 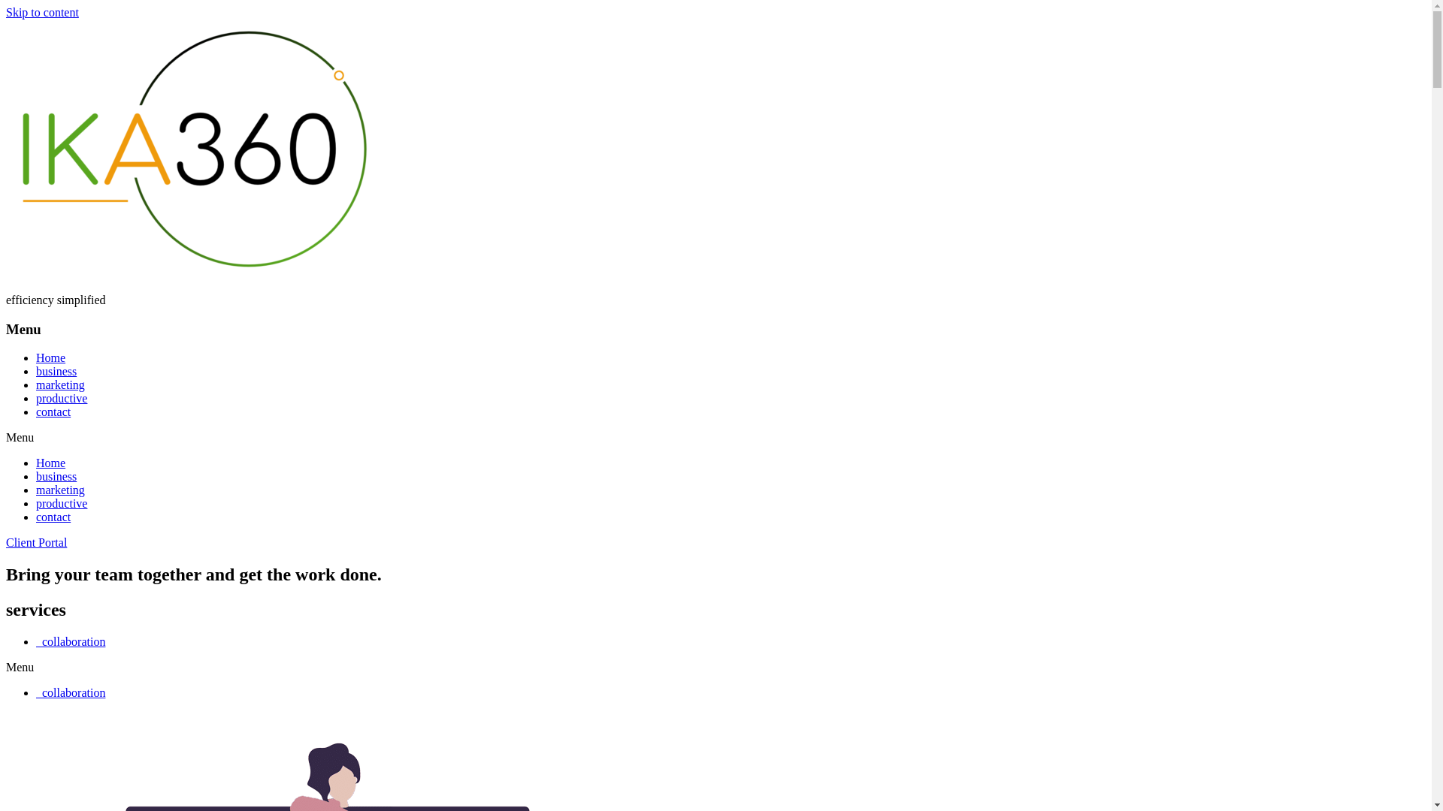 I want to click on 'productive', so click(x=60, y=503).